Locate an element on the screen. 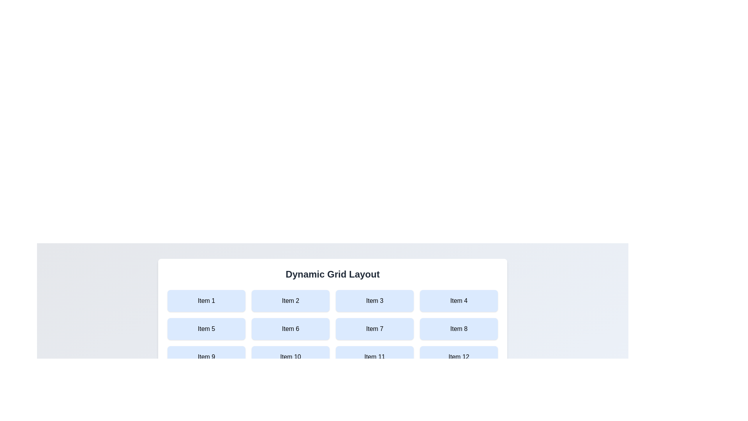  the clickable box located in the first position of the fourth row in the dynamic grid layout, which serves as an interactive unit for selecting or viewing related content is located at coordinates (206, 384).